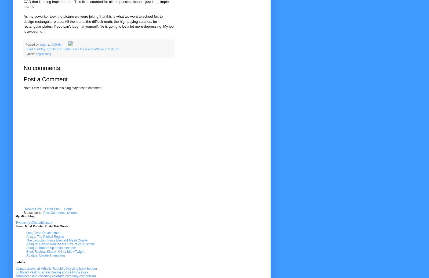 The height and width of the screenshot is (278, 429). What do you see at coordinates (52, 209) in the screenshot?
I see `'Older Post'` at bounding box center [52, 209].